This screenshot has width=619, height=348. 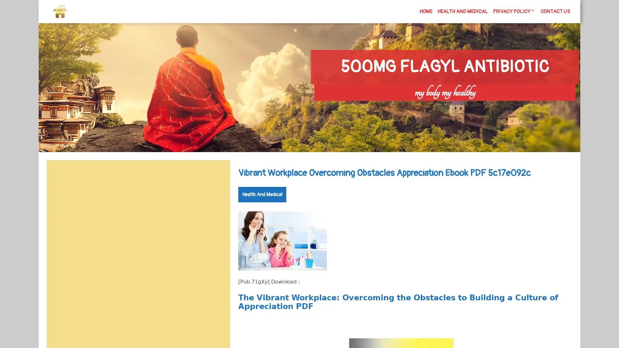 What do you see at coordinates (215, 176) in the screenshot?
I see `Search` at bounding box center [215, 176].